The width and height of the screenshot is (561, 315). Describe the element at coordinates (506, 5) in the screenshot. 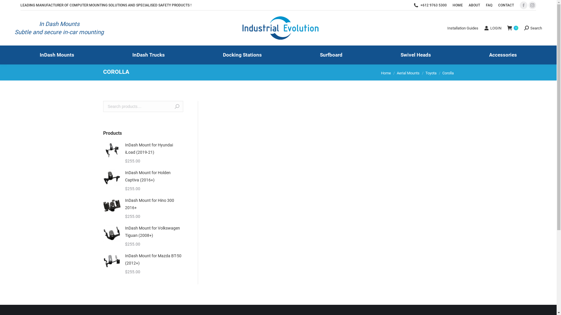

I see `'CONTACT'` at that location.